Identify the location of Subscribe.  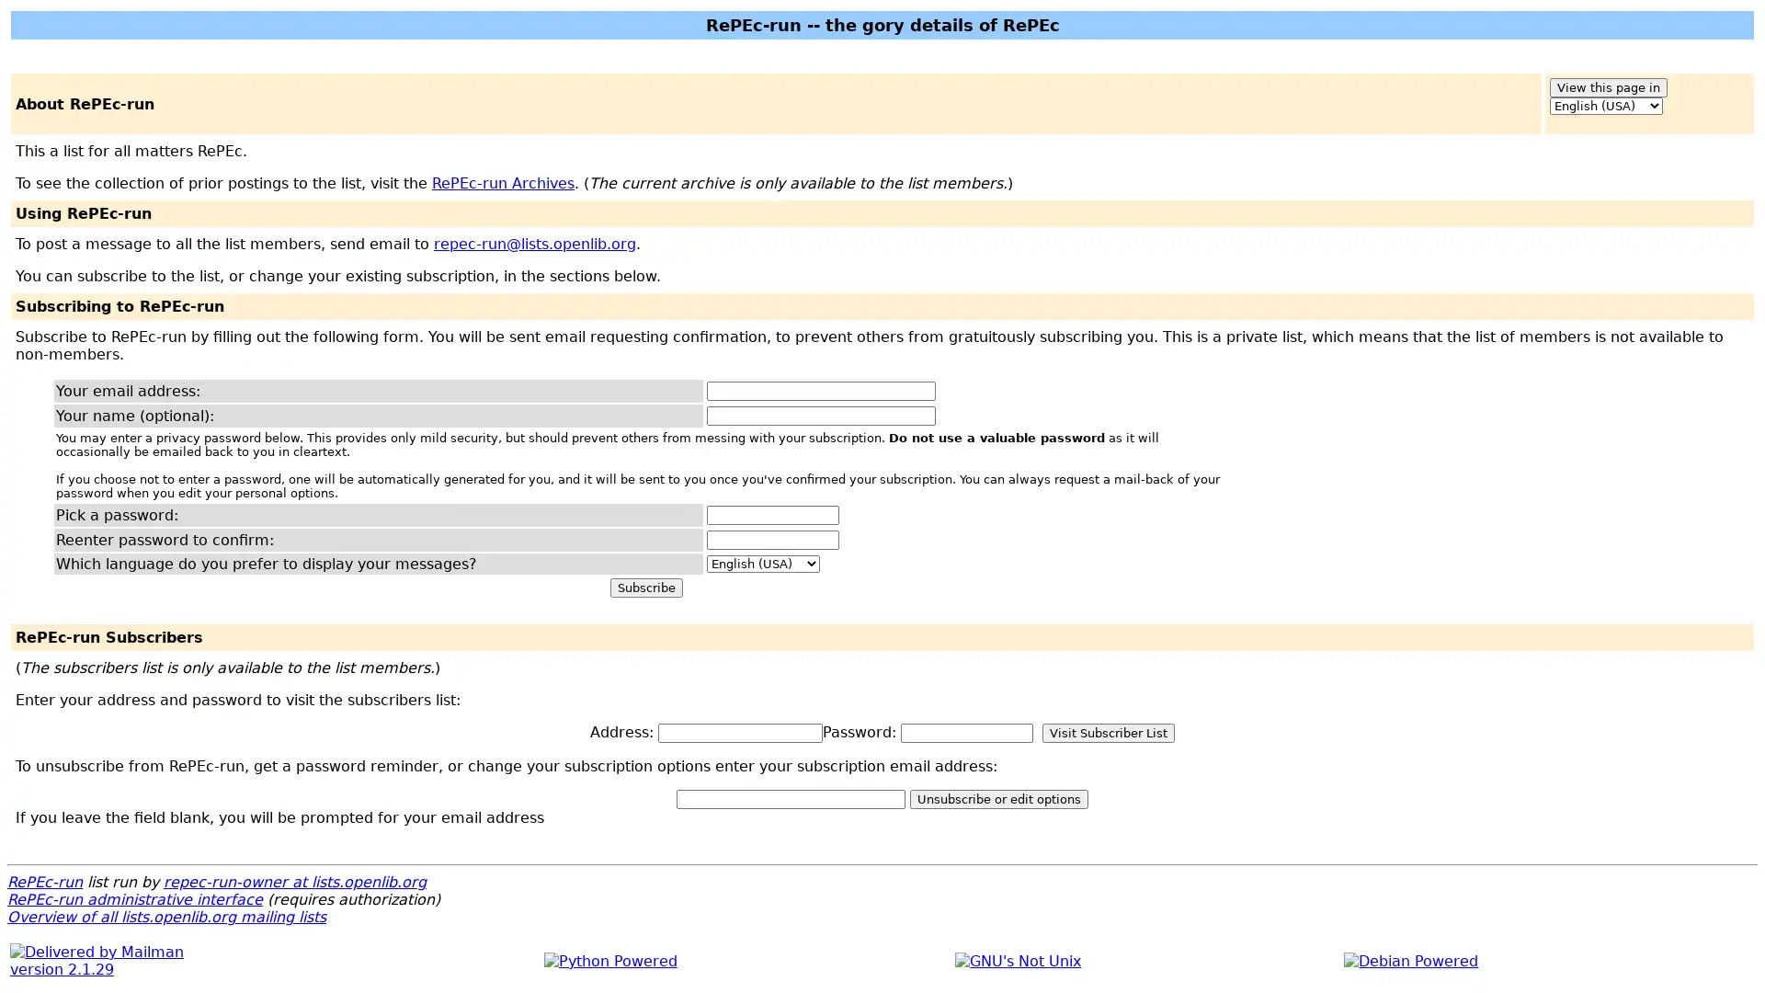
(645, 588).